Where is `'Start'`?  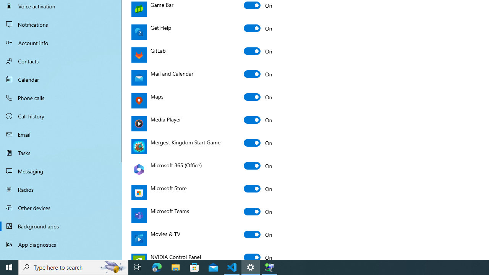 'Start' is located at coordinates (9, 267).